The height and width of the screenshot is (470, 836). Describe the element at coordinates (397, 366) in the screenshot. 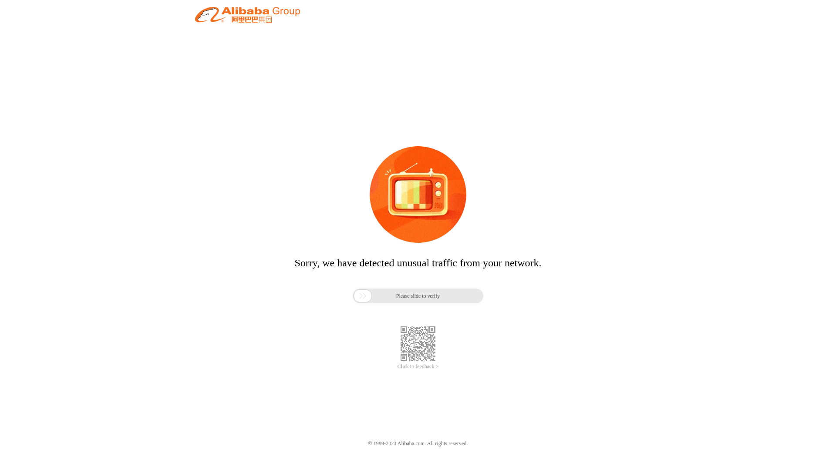

I see `'Click to feedback >'` at that location.